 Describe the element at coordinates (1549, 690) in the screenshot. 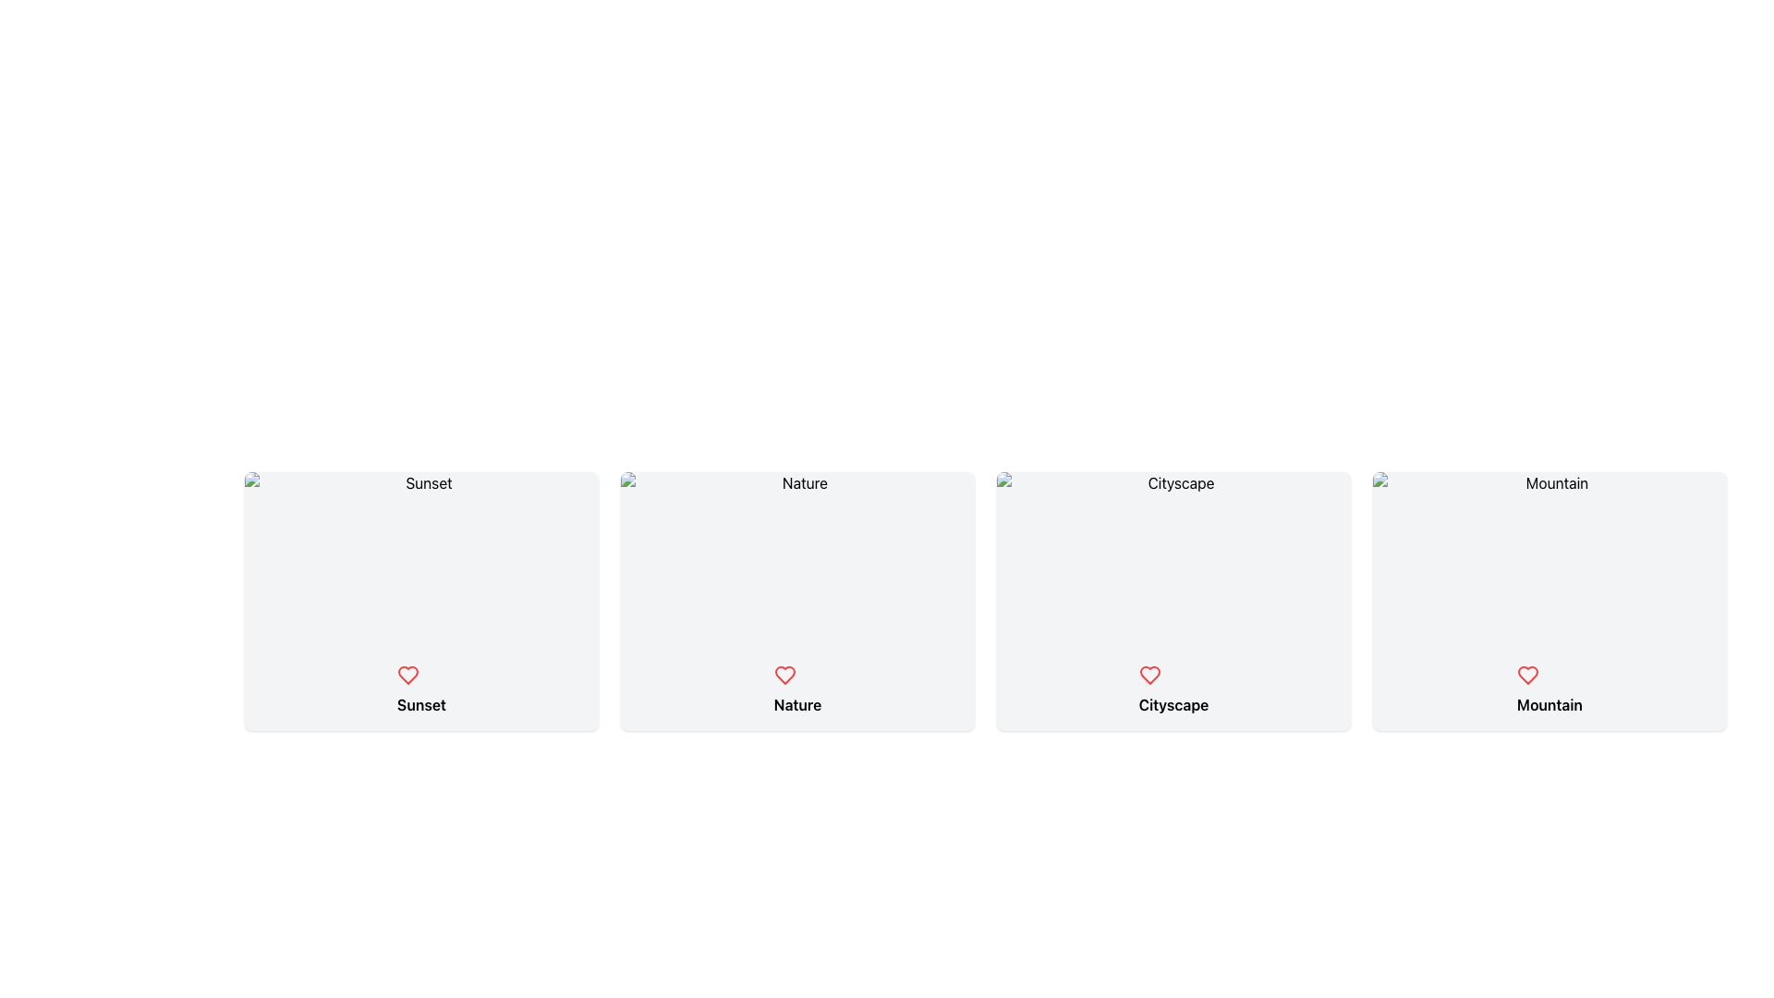

I see `the 'Mountain' text label located at the bottom of the card` at that location.